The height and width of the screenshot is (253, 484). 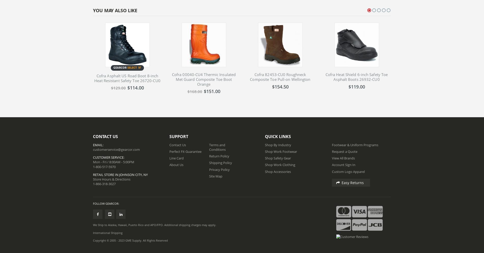 I want to click on 'Cofra Asphalt US Road Boot 8-inch Heat Resistant Safety Toe 26720-CU0', so click(x=127, y=78).